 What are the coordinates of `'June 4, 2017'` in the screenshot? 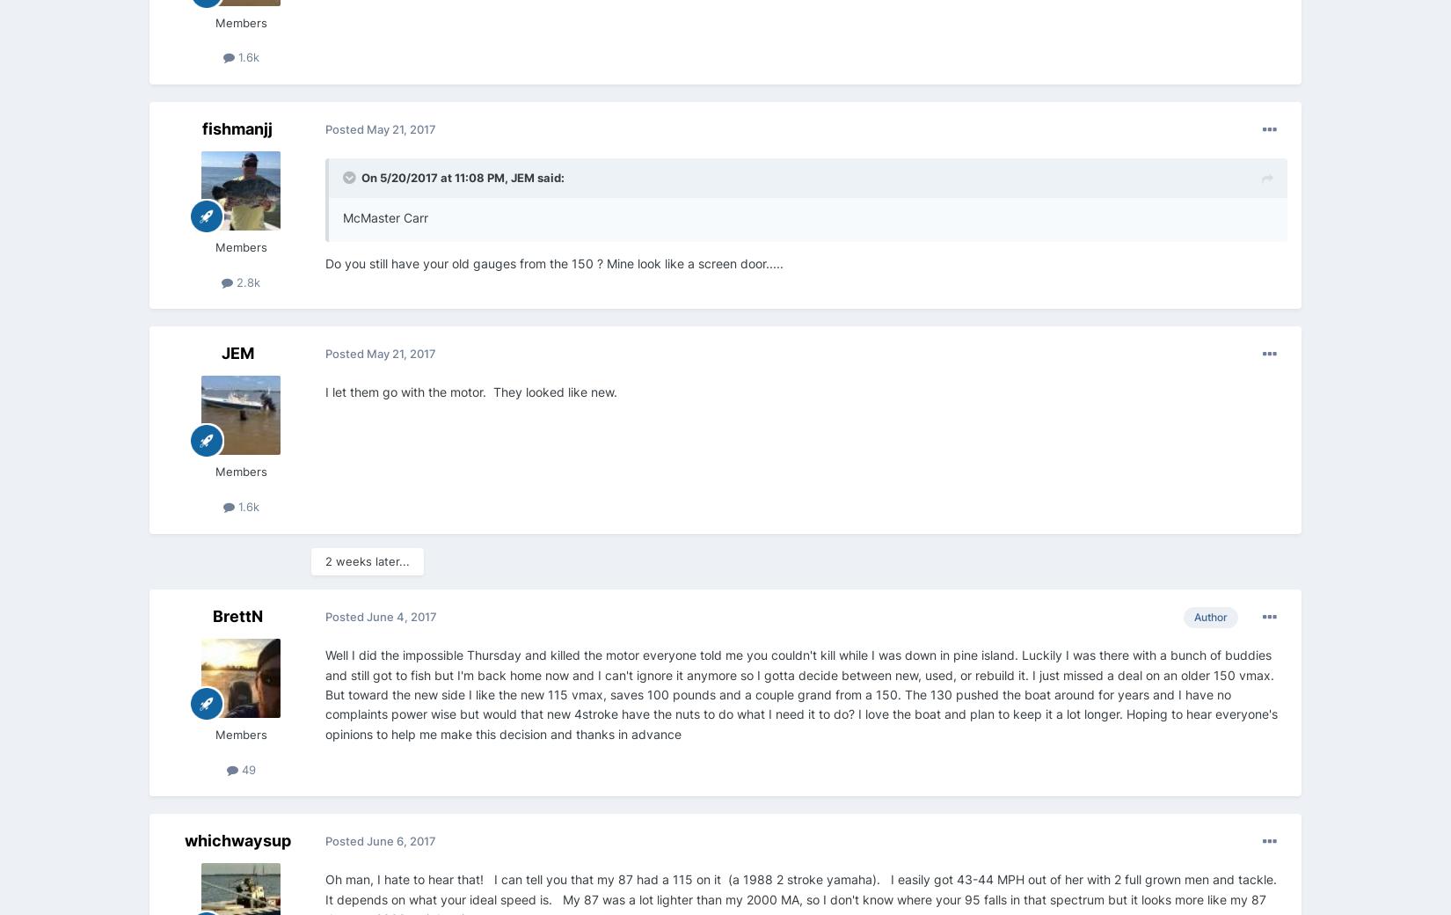 It's located at (401, 616).